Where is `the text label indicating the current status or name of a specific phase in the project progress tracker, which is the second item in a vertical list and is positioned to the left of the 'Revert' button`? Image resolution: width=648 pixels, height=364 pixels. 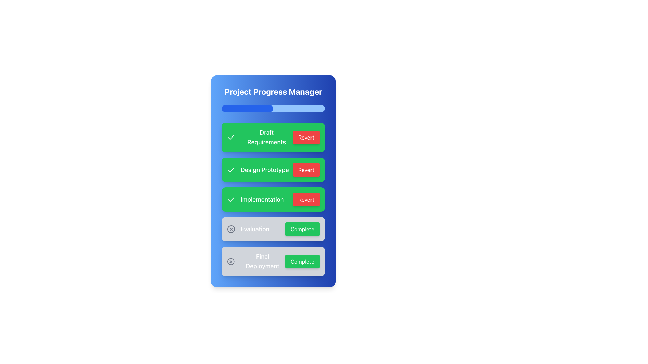 the text label indicating the current status or name of a specific phase in the project progress tracker, which is the second item in a vertical list and is positioned to the left of the 'Revert' button is located at coordinates (264, 170).